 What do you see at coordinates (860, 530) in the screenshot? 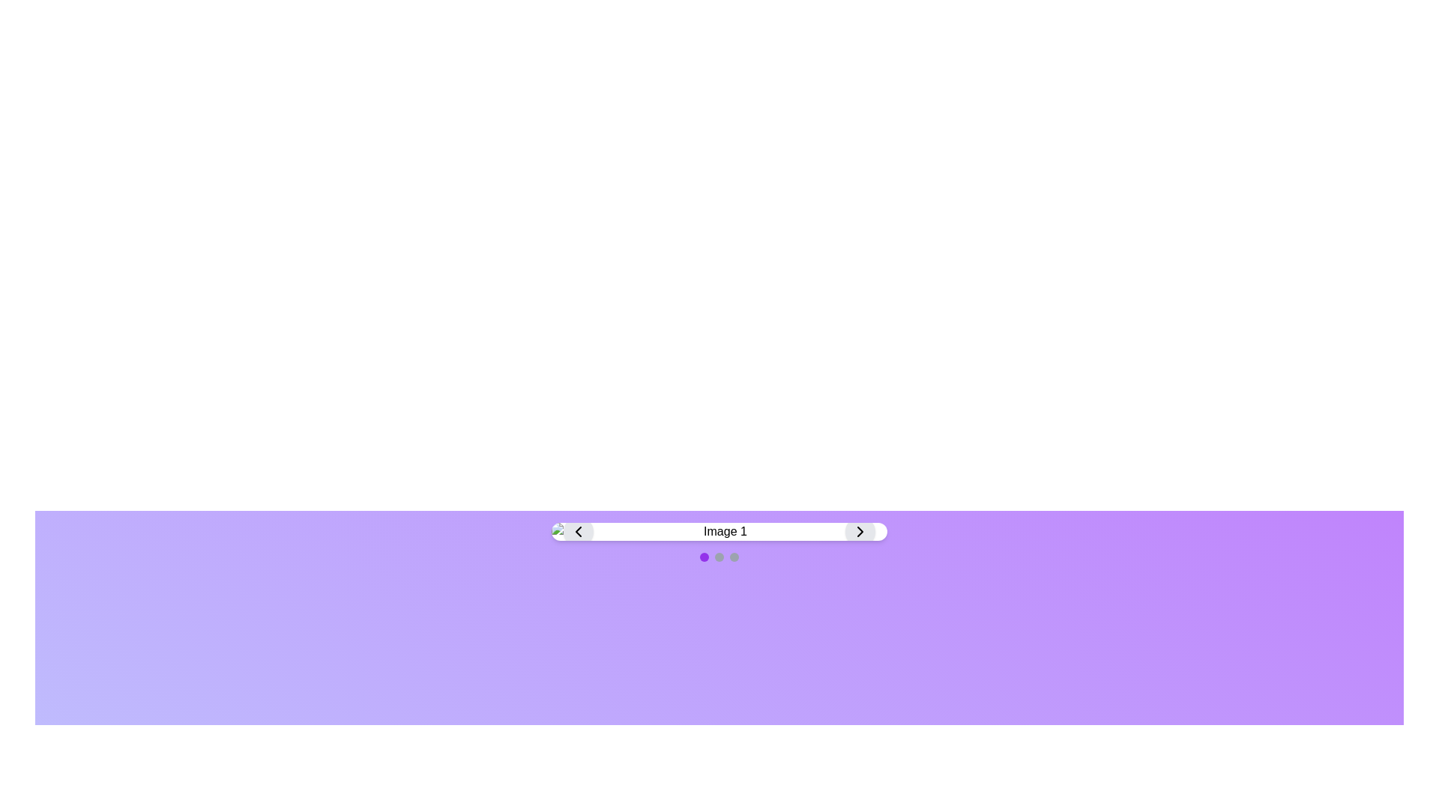
I see `the right-arrow button located on the right-hand side of the interface` at bounding box center [860, 530].